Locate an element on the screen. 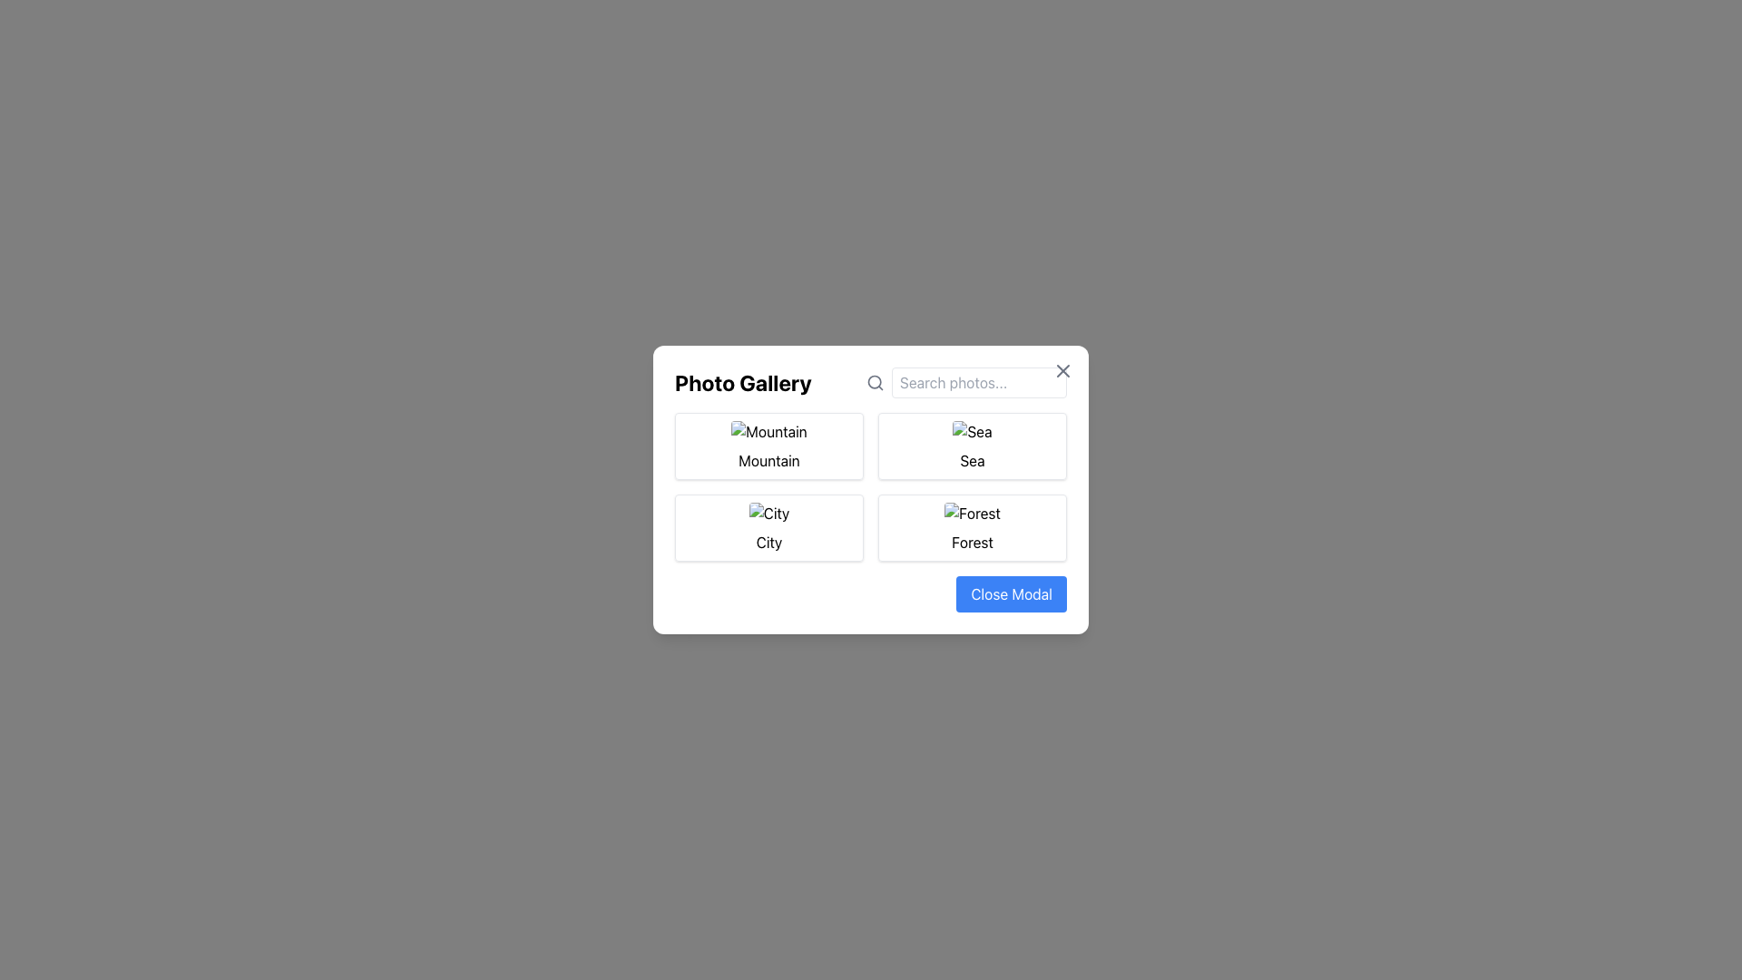 This screenshot has height=980, width=1742. the interactive text label displaying the word 'Sea' located beneath the thumbnail image in the top-right section of the modal window is located at coordinates (971, 460).